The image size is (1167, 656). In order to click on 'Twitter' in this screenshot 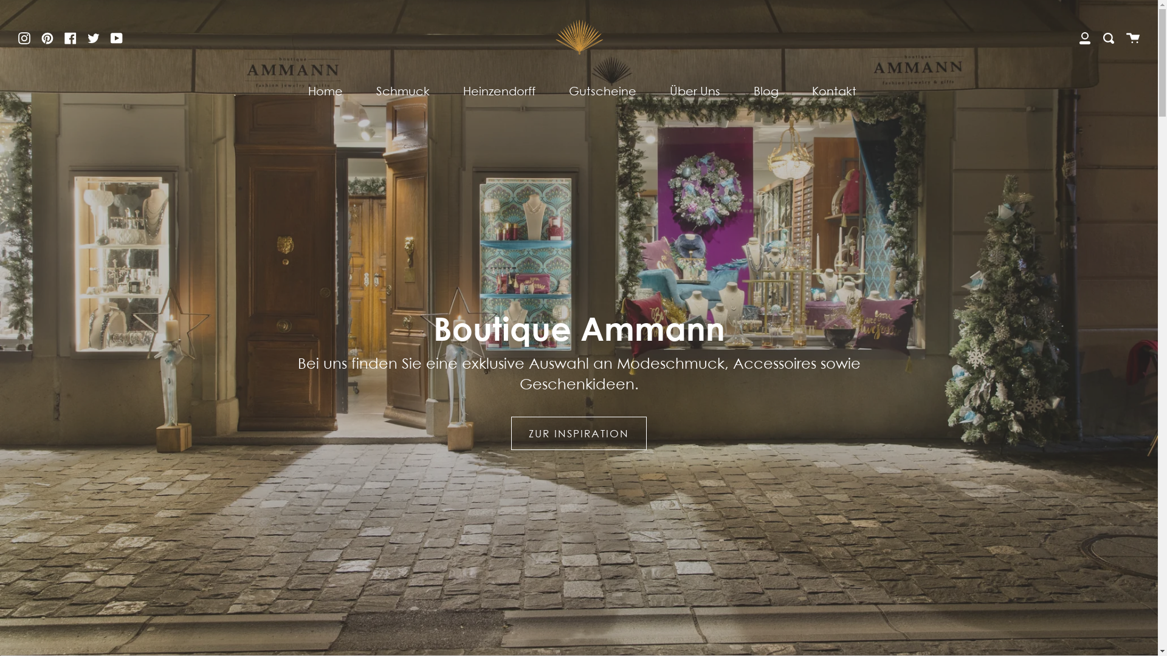, I will do `click(92, 36)`.